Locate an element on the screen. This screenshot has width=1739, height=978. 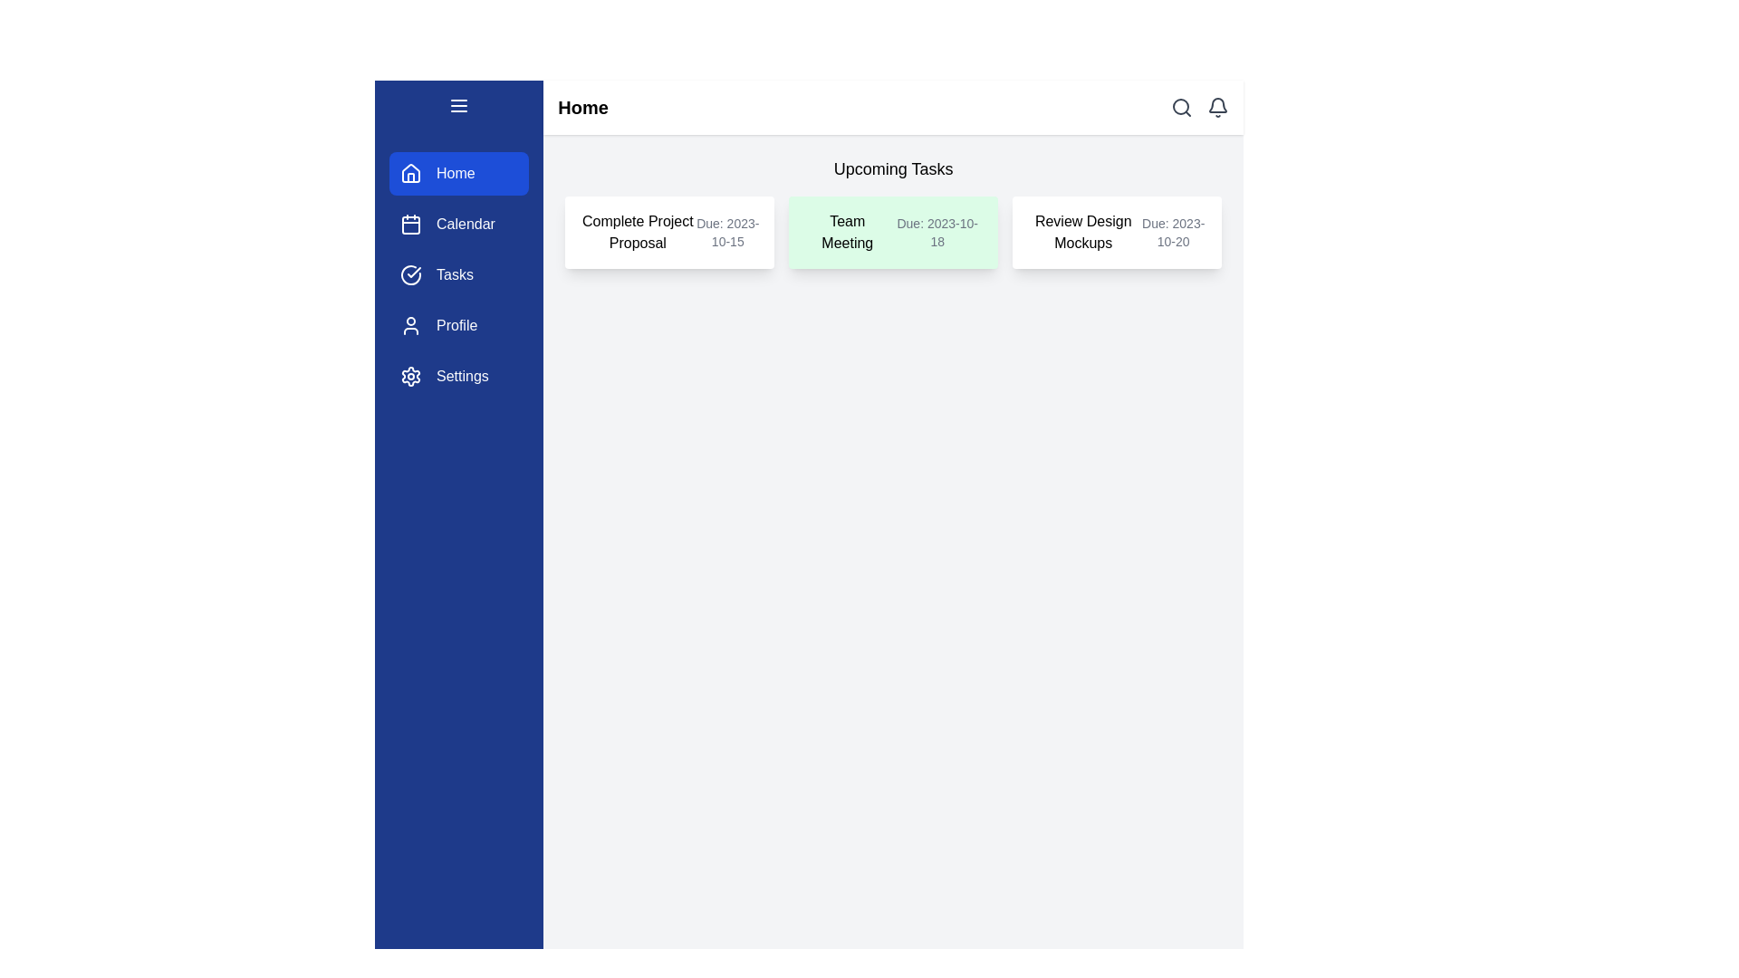
the calendar icon located in the vertical navigation sidebar, which is the second icon from the top is located at coordinates (410, 223).